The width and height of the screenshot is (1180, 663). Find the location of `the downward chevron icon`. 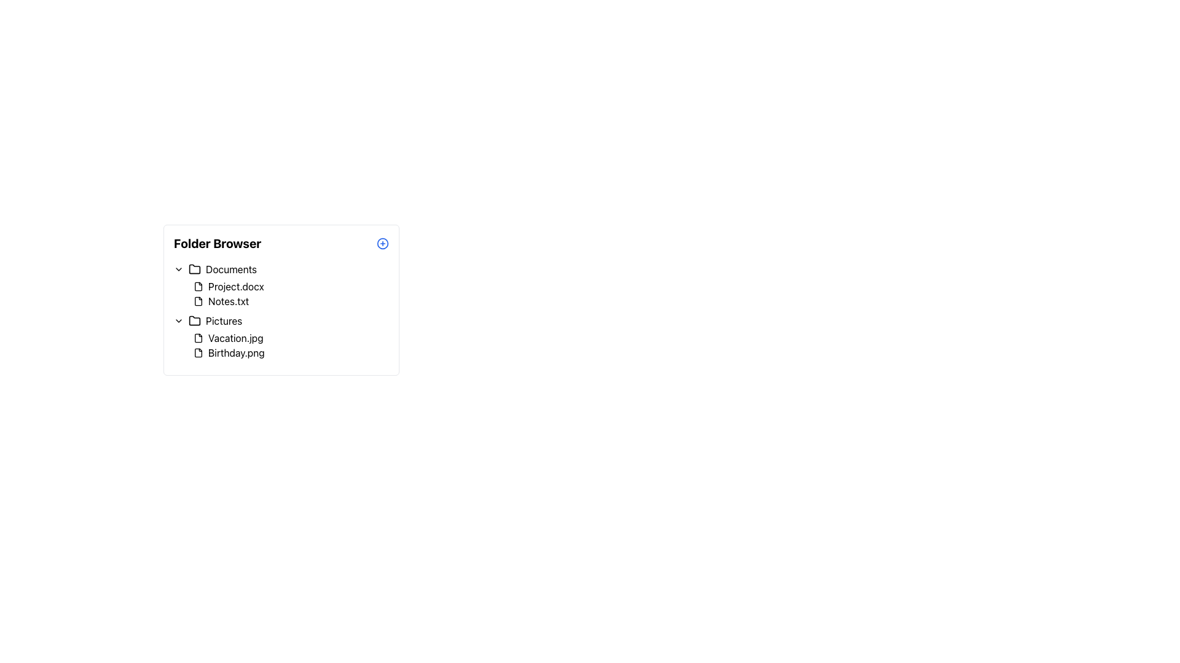

the downward chevron icon is located at coordinates (178, 269).